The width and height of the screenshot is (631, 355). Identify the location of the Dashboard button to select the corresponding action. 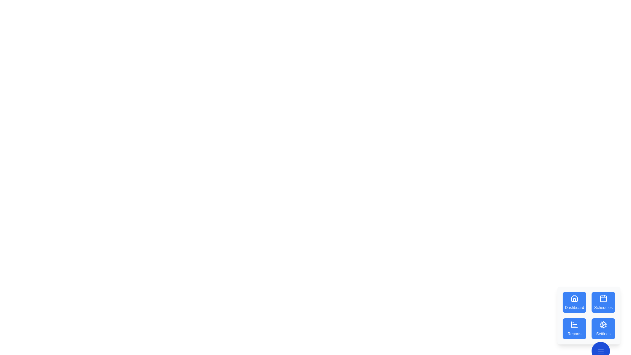
(574, 302).